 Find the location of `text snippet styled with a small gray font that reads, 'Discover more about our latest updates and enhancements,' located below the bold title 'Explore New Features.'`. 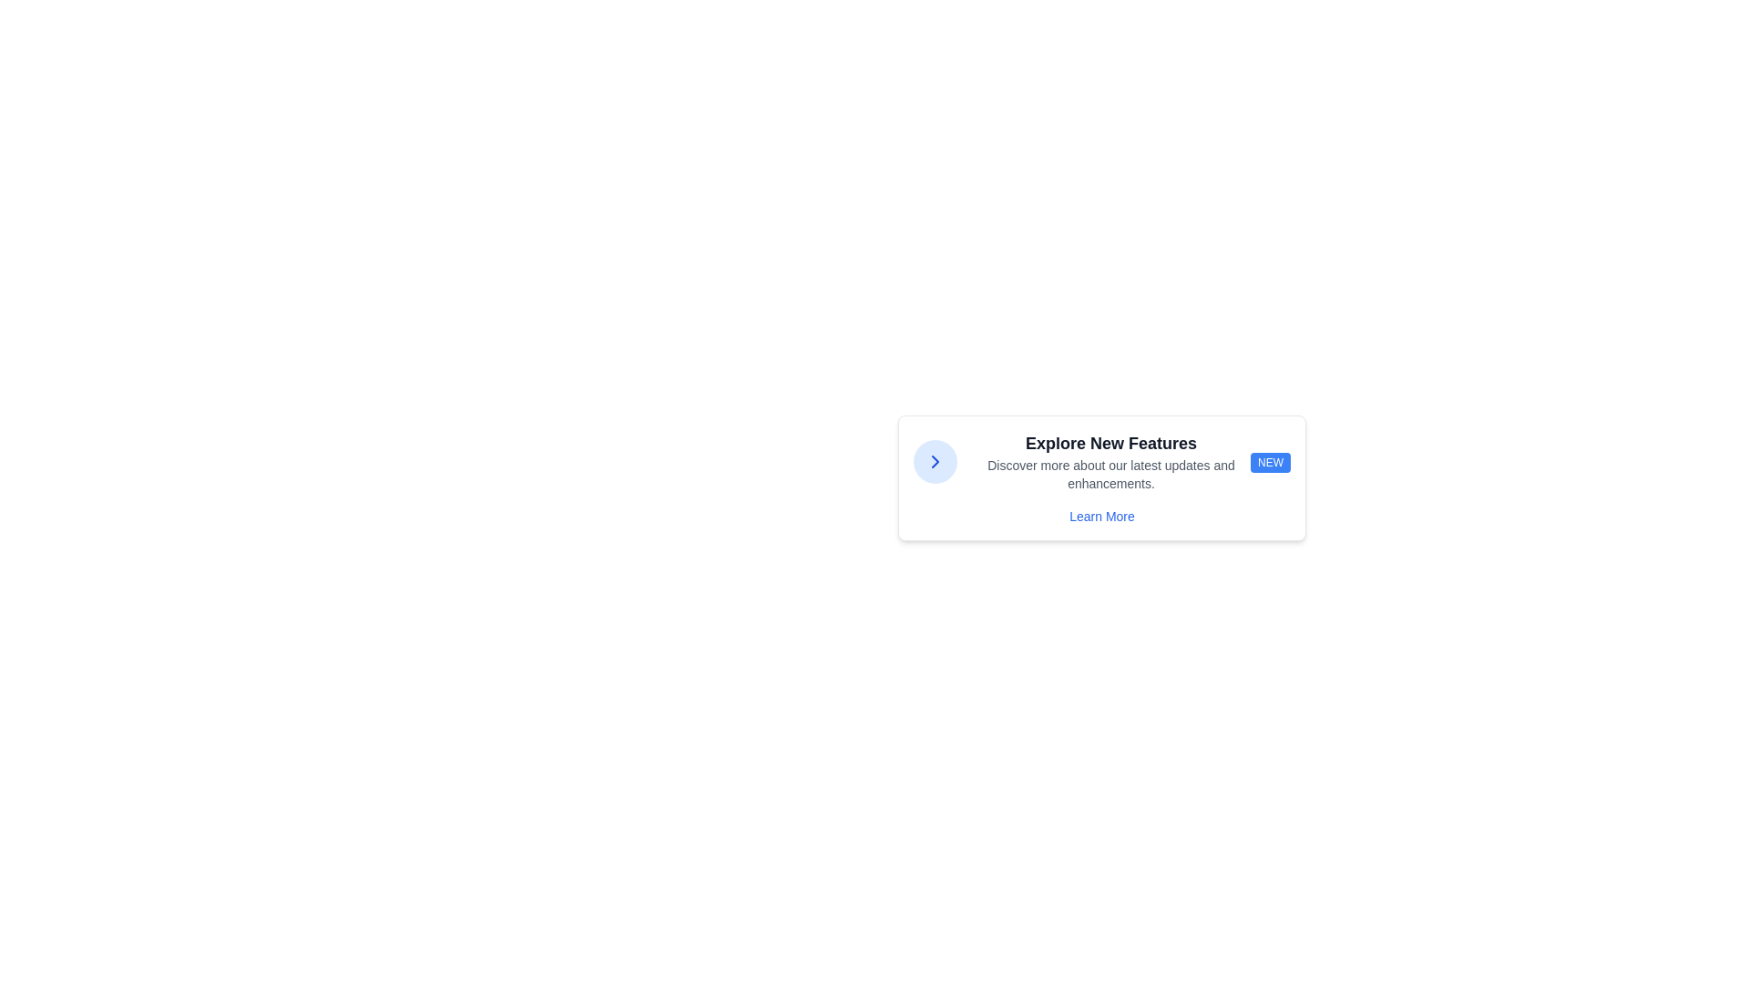

text snippet styled with a small gray font that reads, 'Discover more about our latest updates and enhancements,' located below the bold title 'Explore New Features.' is located at coordinates (1110, 473).